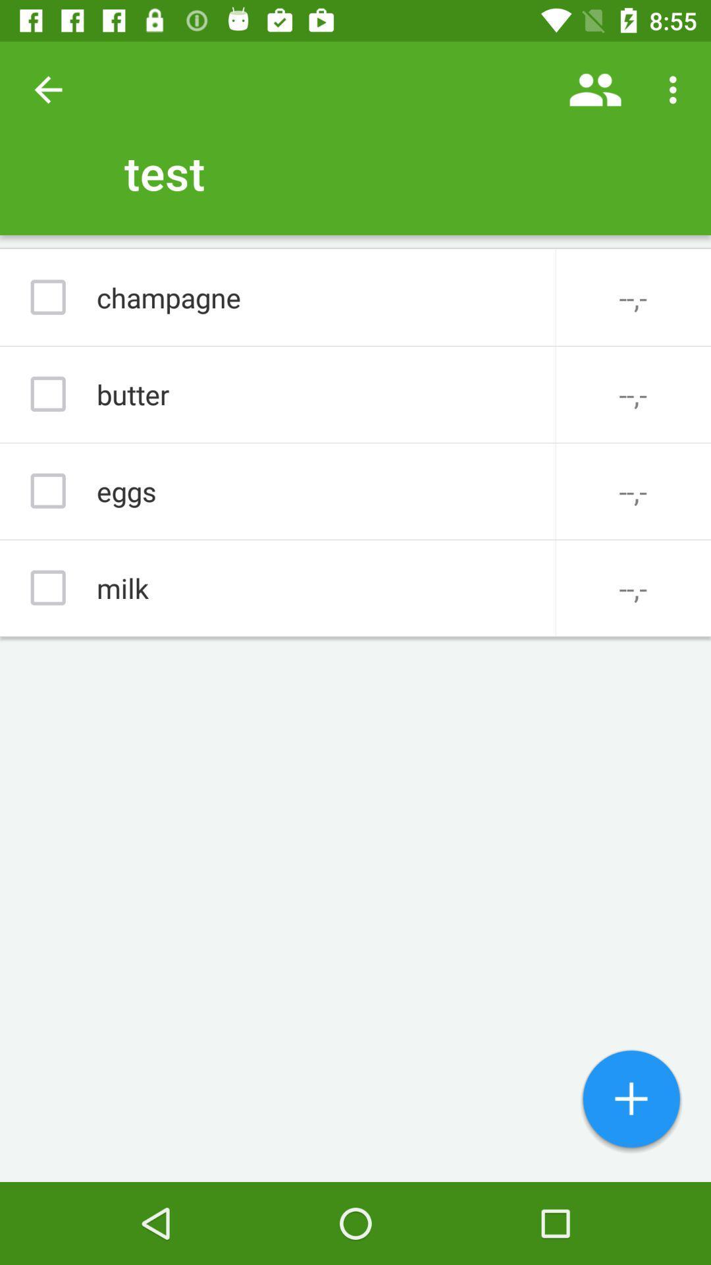 This screenshot has height=1265, width=711. Describe the element at coordinates (631, 1100) in the screenshot. I see `the item at the bottom right corner` at that location.